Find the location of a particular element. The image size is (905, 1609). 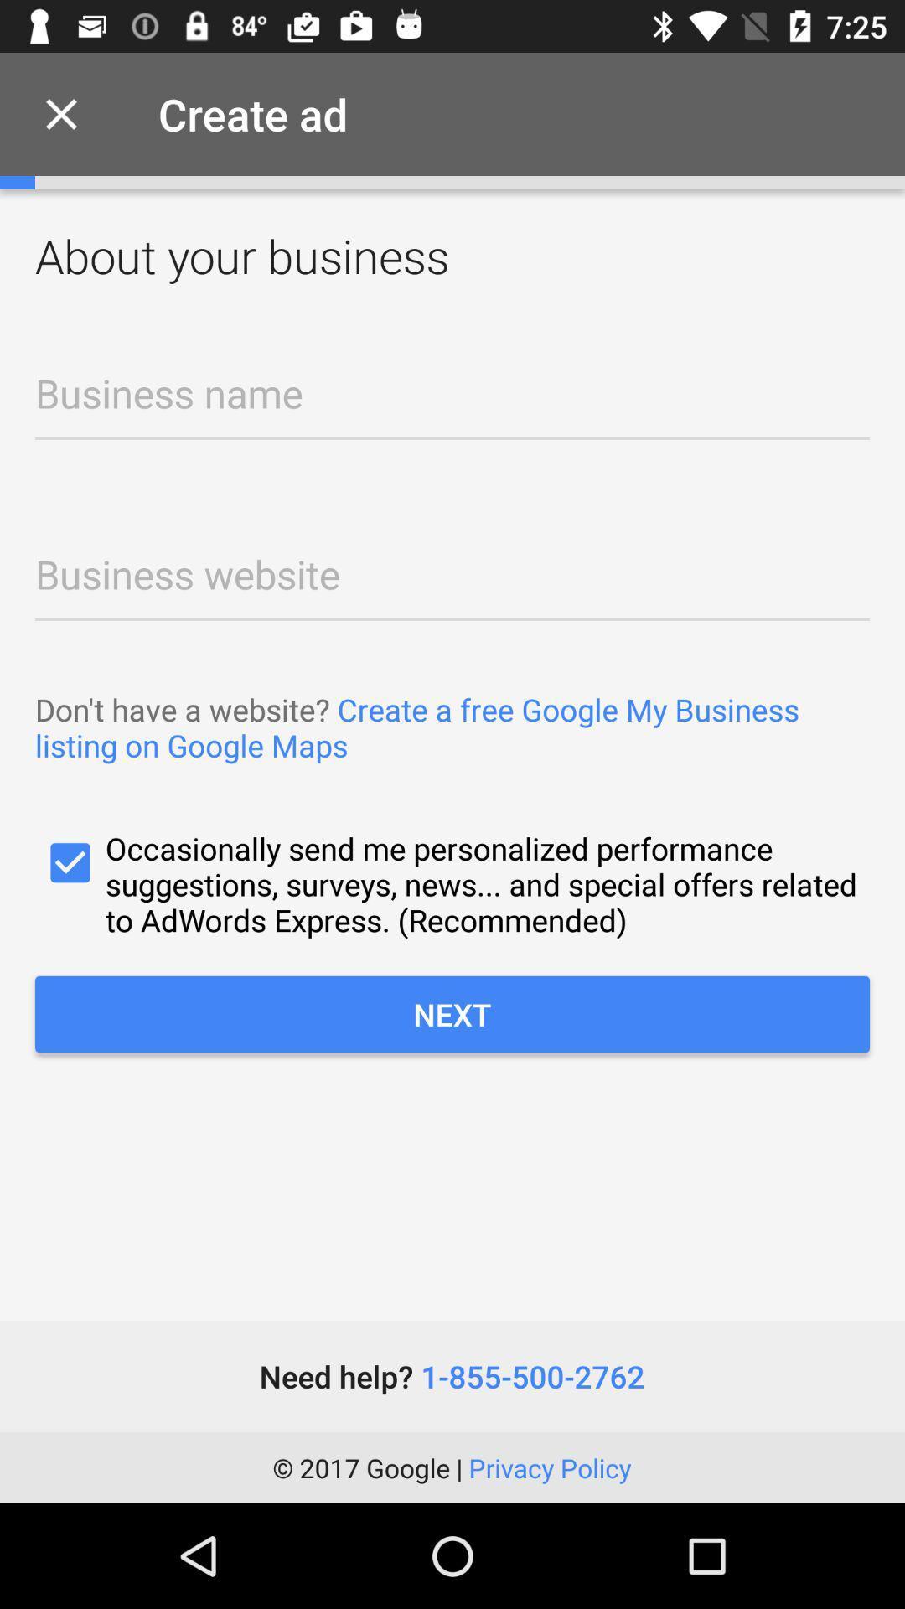

don t have item is located at coordinates (452, 727).